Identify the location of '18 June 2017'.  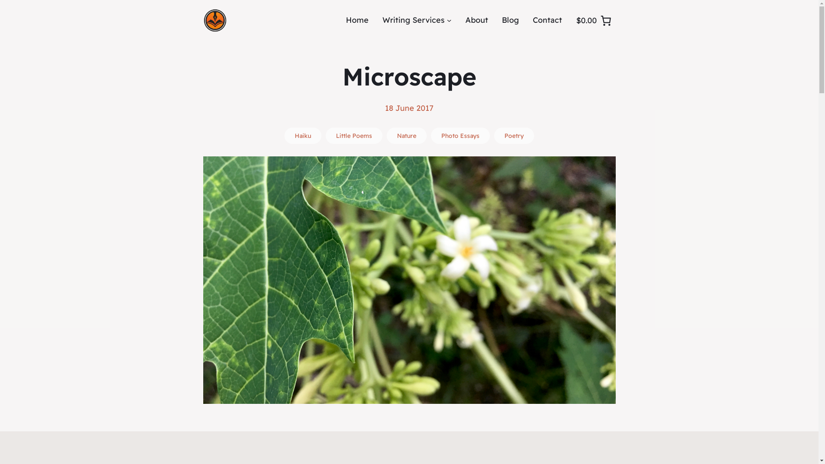
(409, 107).